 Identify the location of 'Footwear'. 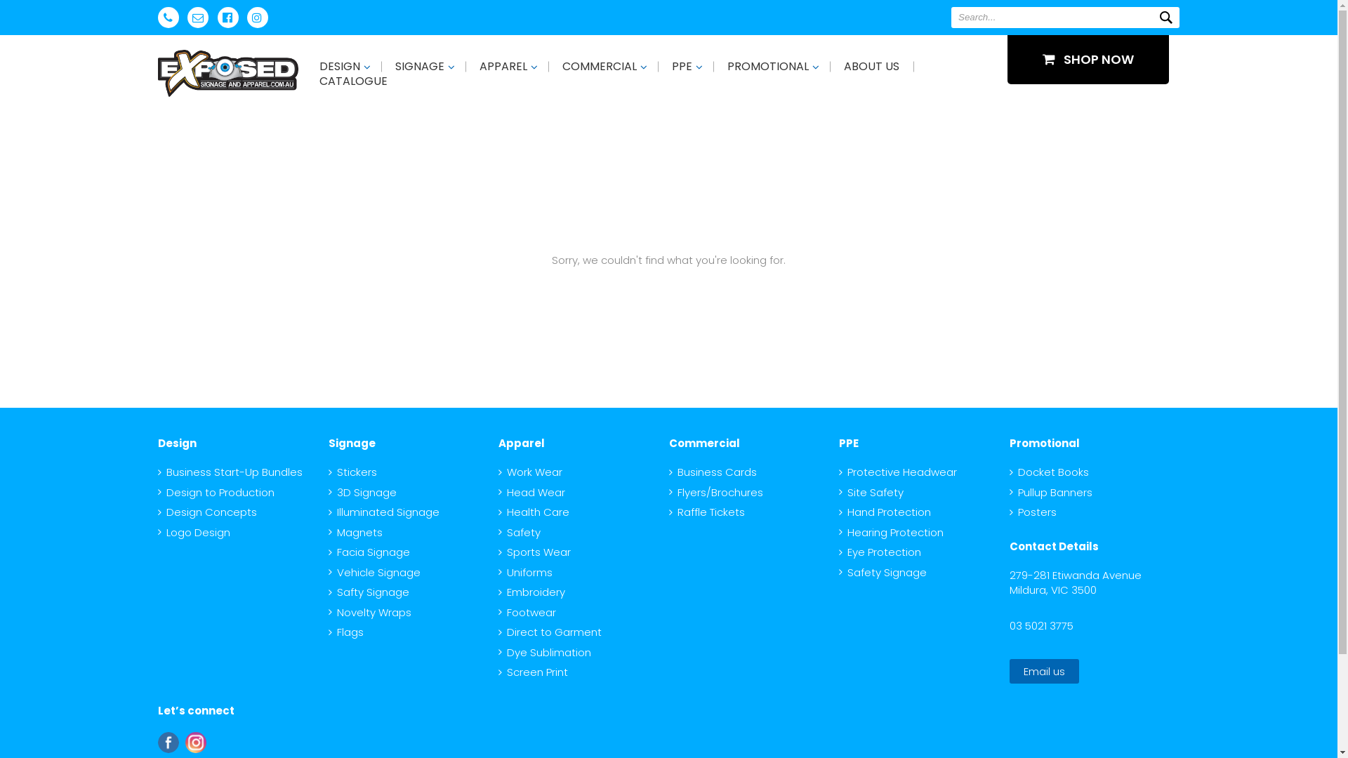
(498, 611).